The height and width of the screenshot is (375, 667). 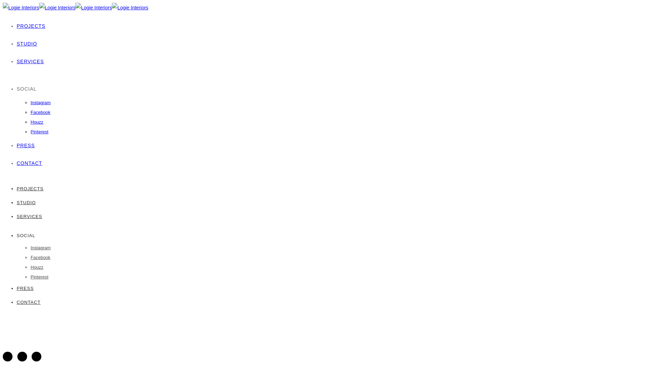 What do you see at coordinates (28, 302) in the screenshot?
I see `'CONTACT'` at bounding box center [28, 302].